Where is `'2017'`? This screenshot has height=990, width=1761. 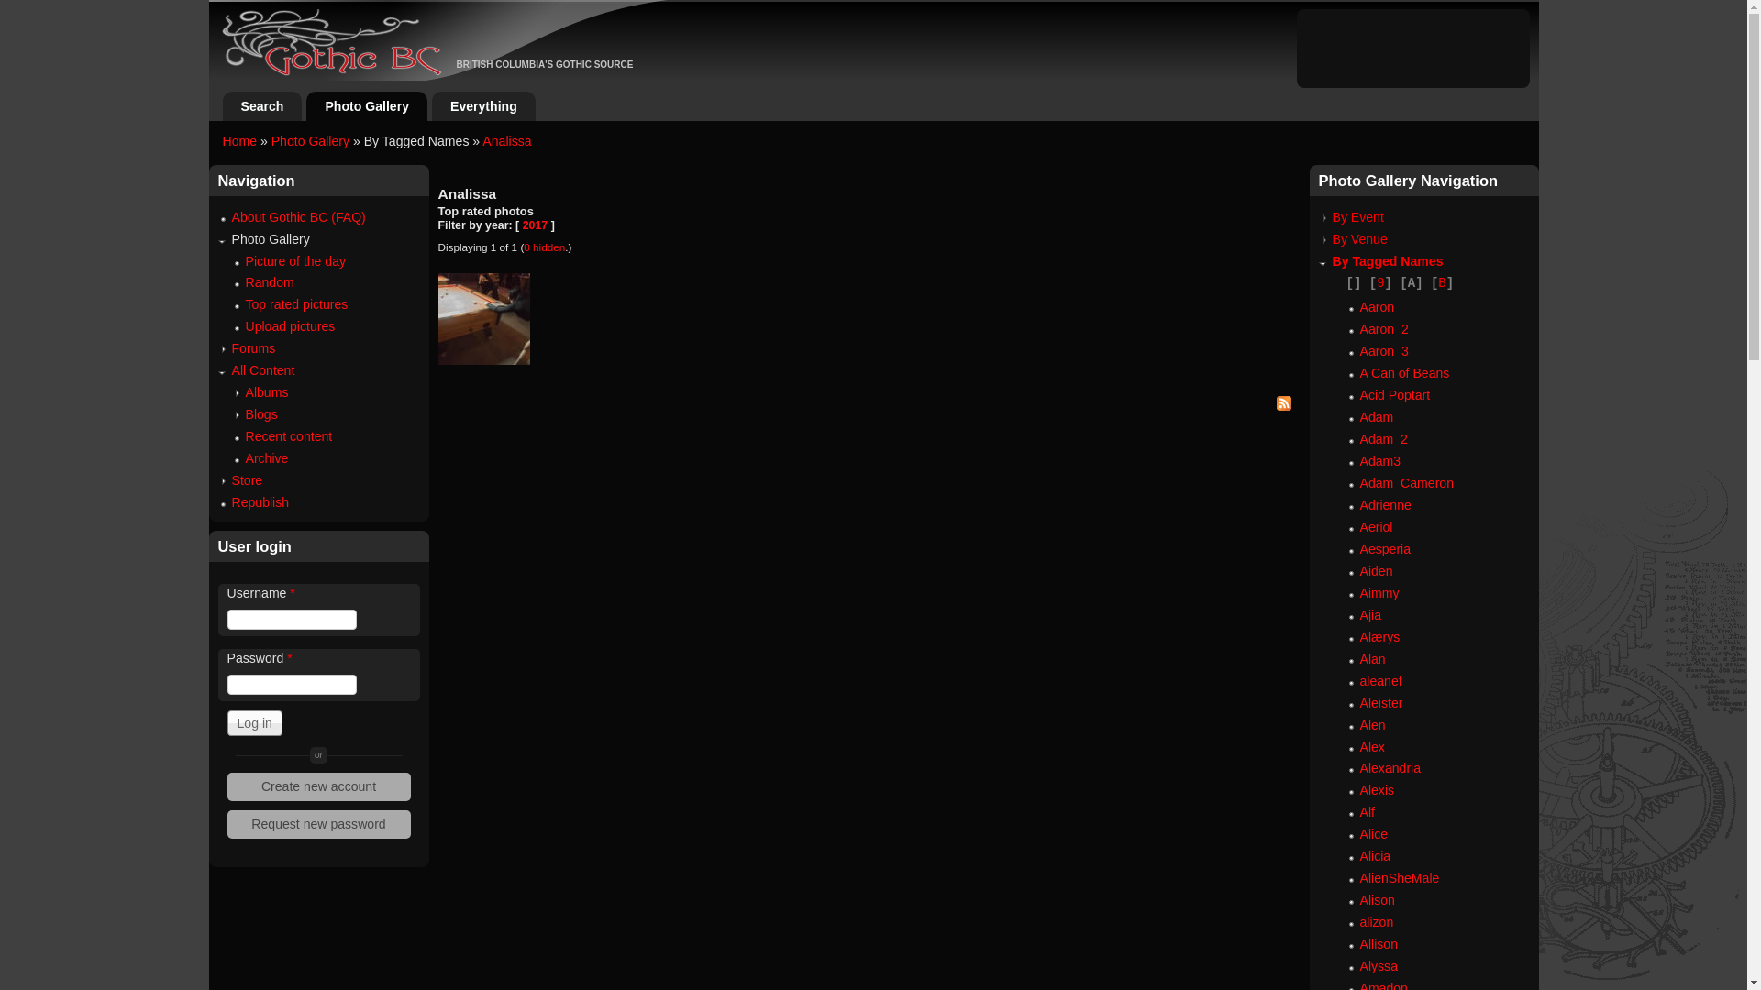 '2017' is located at coordinates (535, 225).